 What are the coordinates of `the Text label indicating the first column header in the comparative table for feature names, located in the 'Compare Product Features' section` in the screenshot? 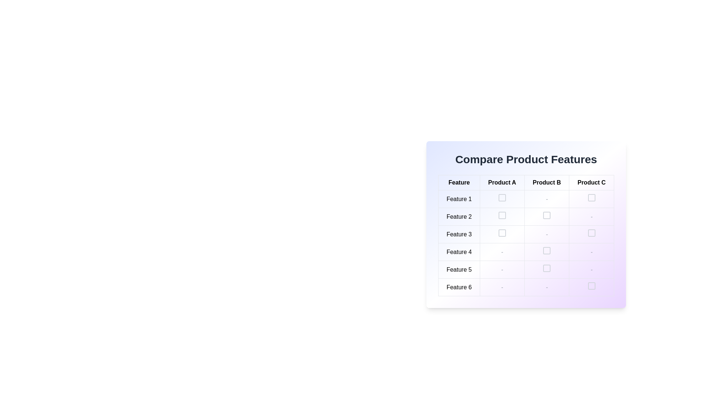 It's located at (458, 182).